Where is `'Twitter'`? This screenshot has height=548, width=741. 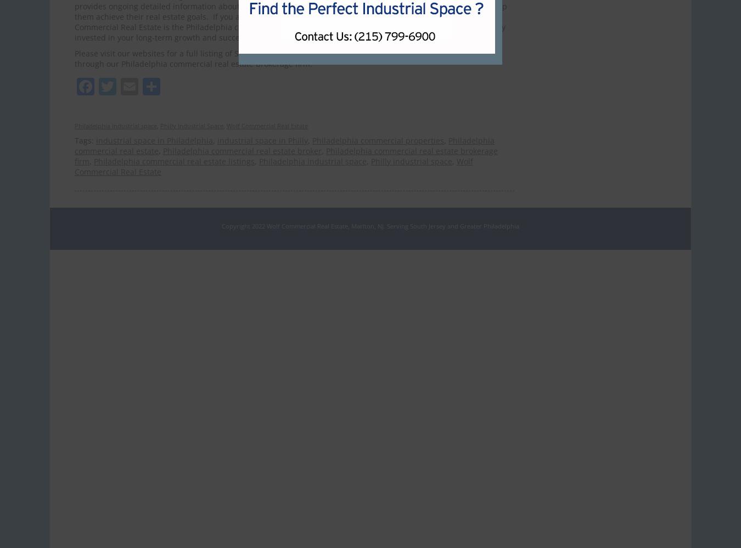
'Twitter' is located at coordinates (144, 86).